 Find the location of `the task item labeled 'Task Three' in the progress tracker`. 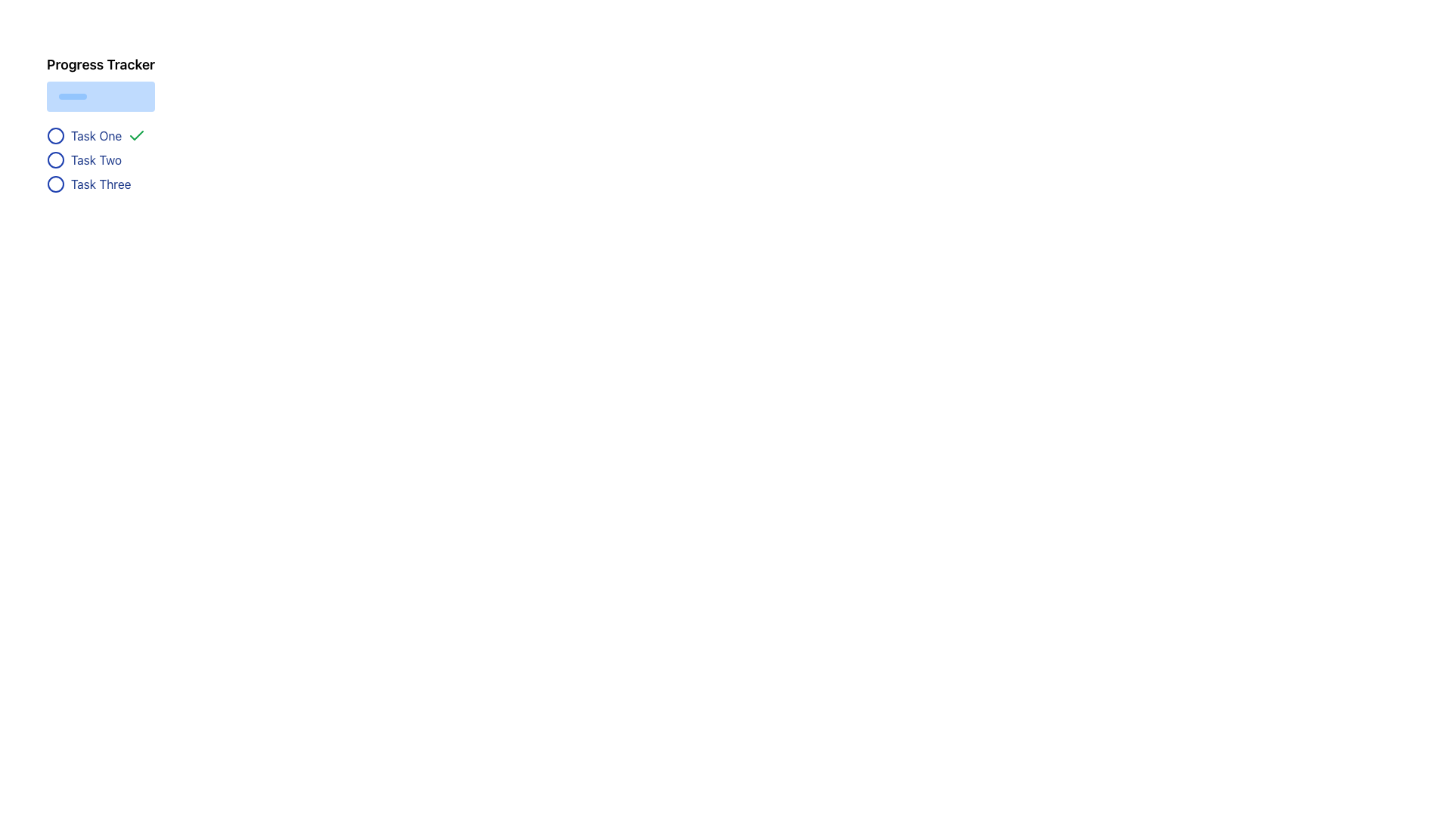

the task item labeled 'Task Three' in the progress tracker is located at coordinates (100, 183).